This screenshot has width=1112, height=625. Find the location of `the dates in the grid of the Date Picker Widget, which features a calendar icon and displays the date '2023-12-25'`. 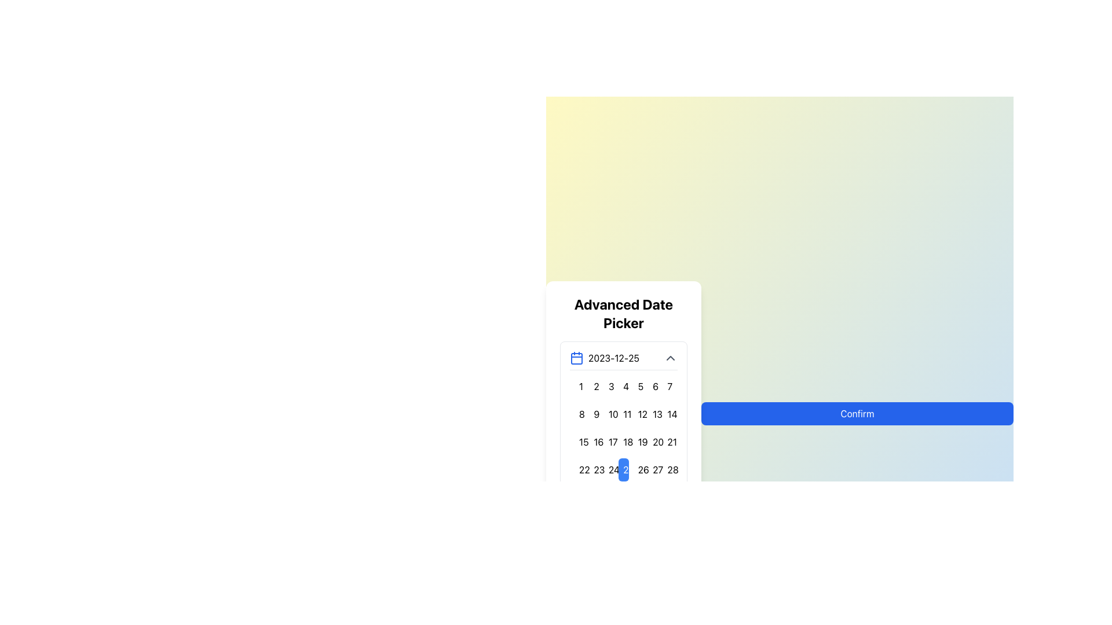

the dates in the grid of the Date Picker Widget, which features a calendar icon and displays the date '2023-12-25' is located at coordinates (623, 432).